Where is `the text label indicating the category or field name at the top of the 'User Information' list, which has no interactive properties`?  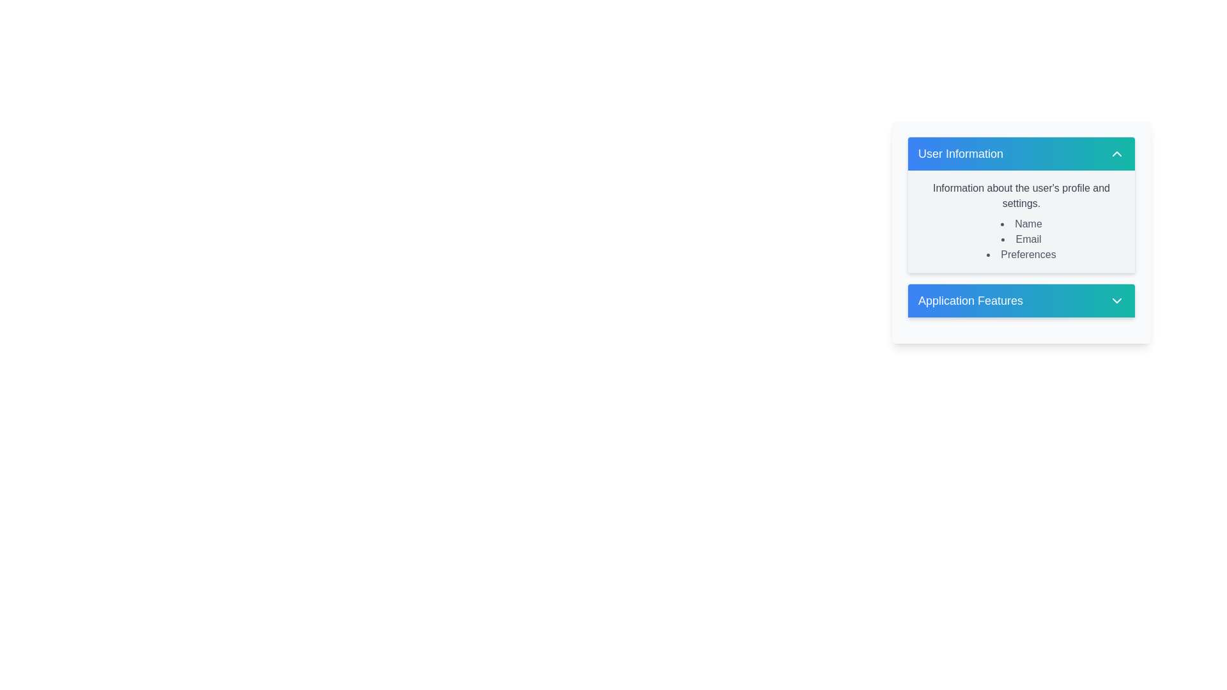 the text label indicating the category or field name at the top of the 'User Information' list, which has no interactive properties is located at coordinates (1021, 224).